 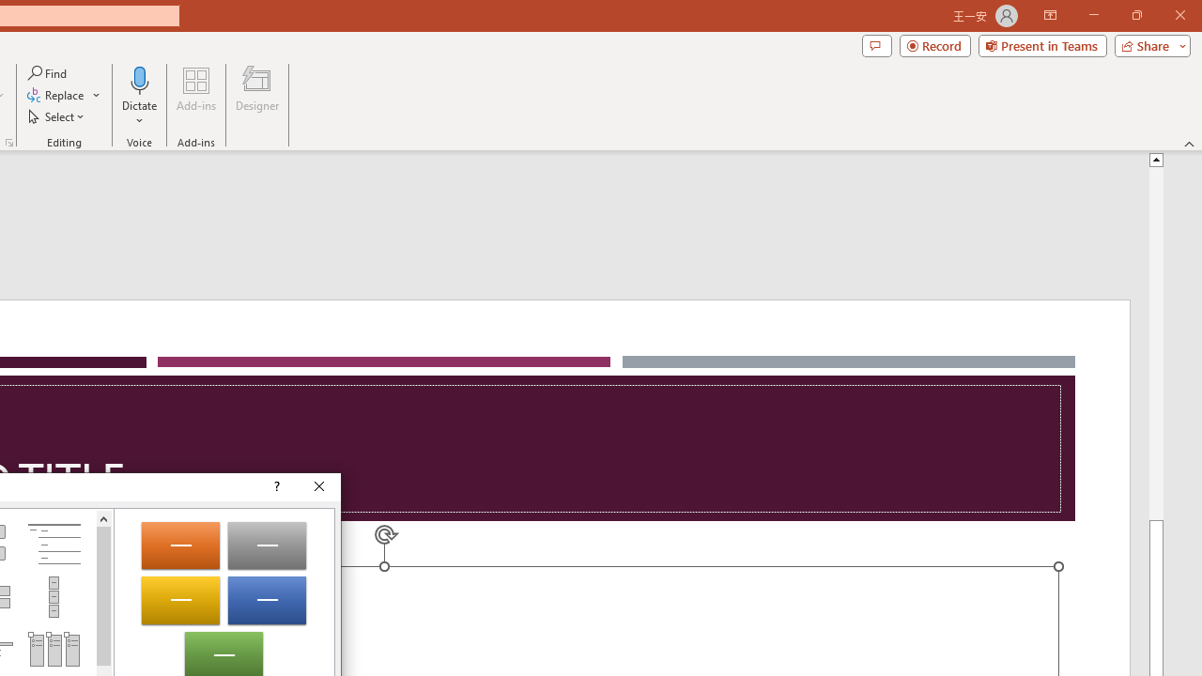 I want to click on 'Close', so click(x=319, y=486).